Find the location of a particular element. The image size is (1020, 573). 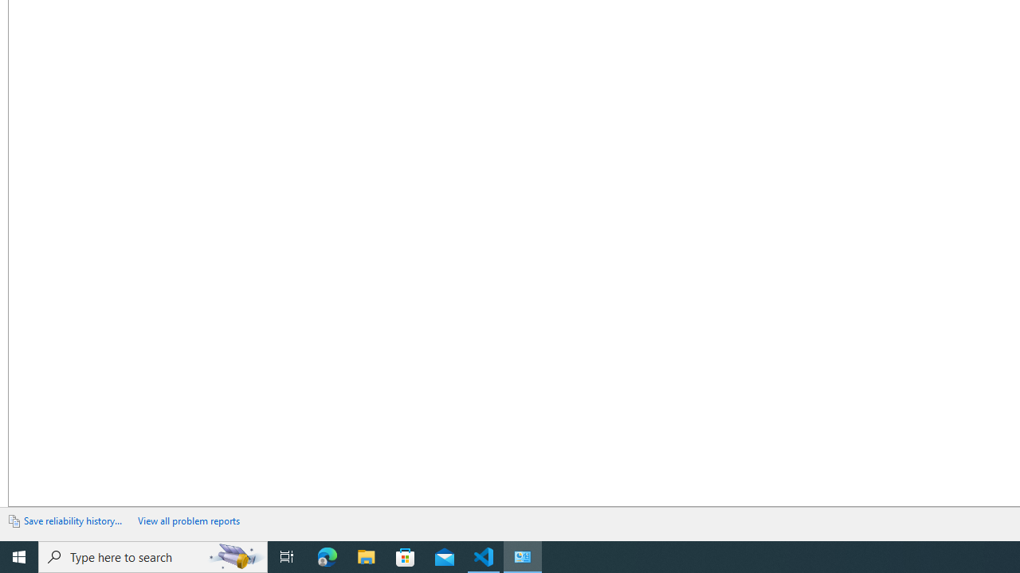

'View all problem reports' is located at coordinates (188, 520).